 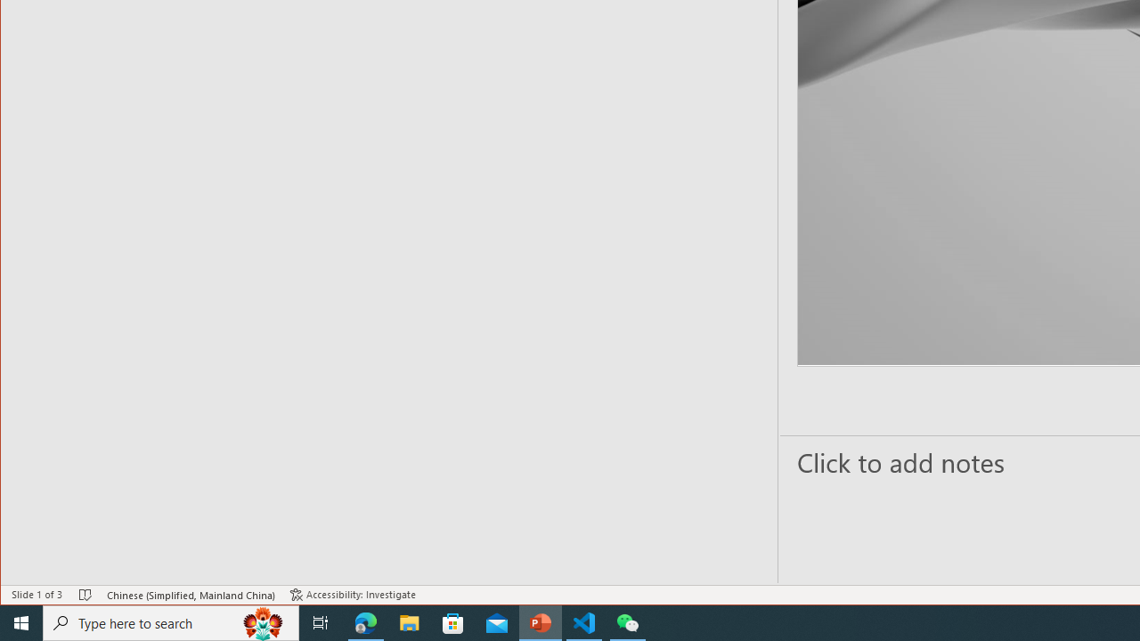 I want to click on 'Type here to search', so click(x=171, y=621).